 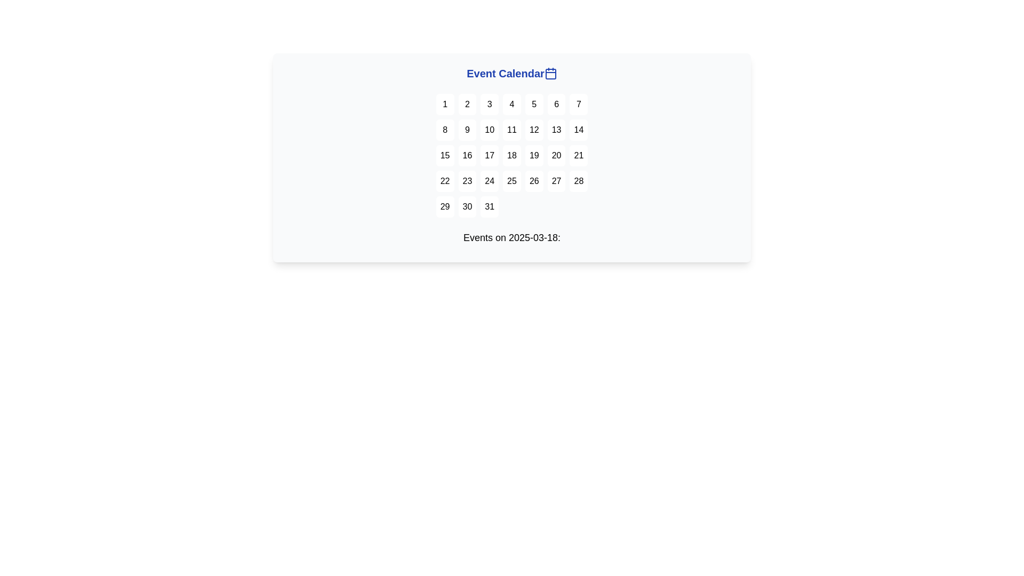 What do you see at coordinates (512, 240) in the screenshot?
I see `the text heading that states 'Events on 2025-03-18:'` at bounding box center [512, 240].